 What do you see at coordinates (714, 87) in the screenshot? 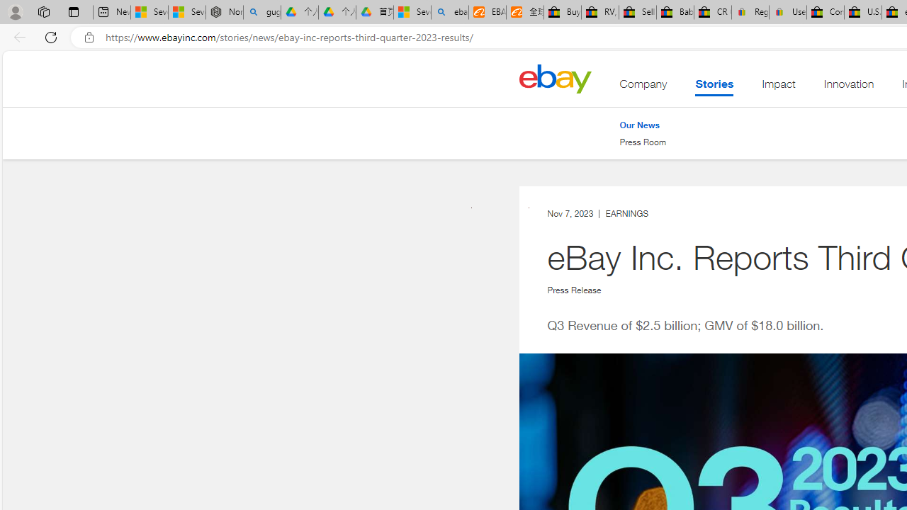
I see `'Stories . This is the current section.'` at bounding box center [714, 87].